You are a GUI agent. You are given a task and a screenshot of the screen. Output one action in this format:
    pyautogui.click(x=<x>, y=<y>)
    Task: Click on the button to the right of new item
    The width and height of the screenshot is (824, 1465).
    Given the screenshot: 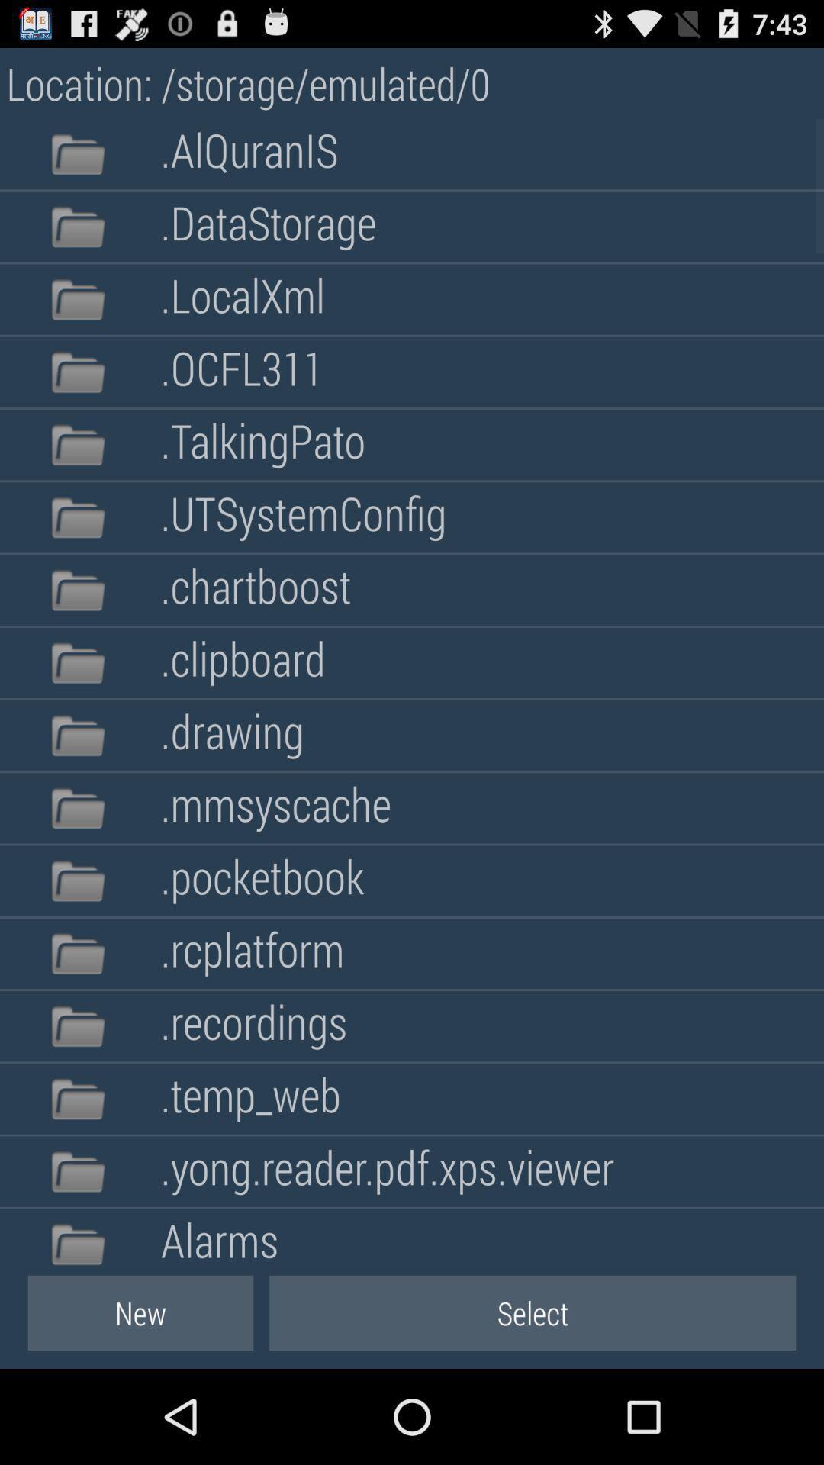 What is the action you would take?
    pyautogui.click(x=532, y=1312)
    